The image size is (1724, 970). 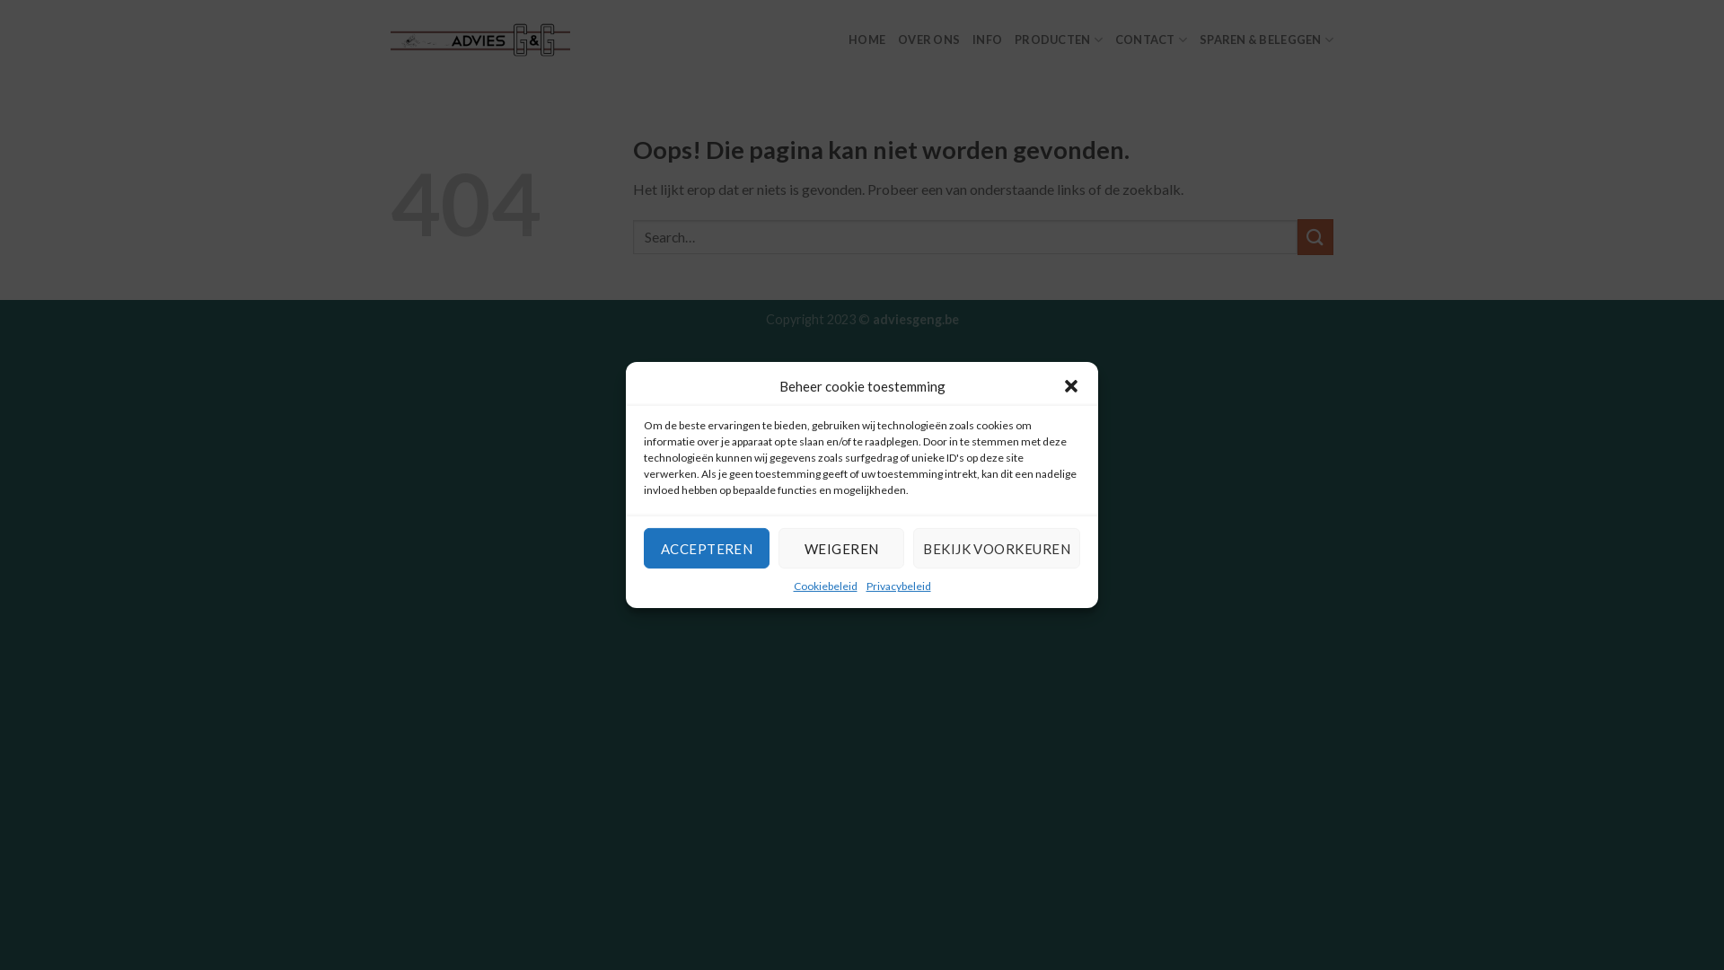 What do you see at coordinates (995, 547) in the screenshot?
I see `'BEKIJK VOORKEUREN'` at bounding box center [995, 547].